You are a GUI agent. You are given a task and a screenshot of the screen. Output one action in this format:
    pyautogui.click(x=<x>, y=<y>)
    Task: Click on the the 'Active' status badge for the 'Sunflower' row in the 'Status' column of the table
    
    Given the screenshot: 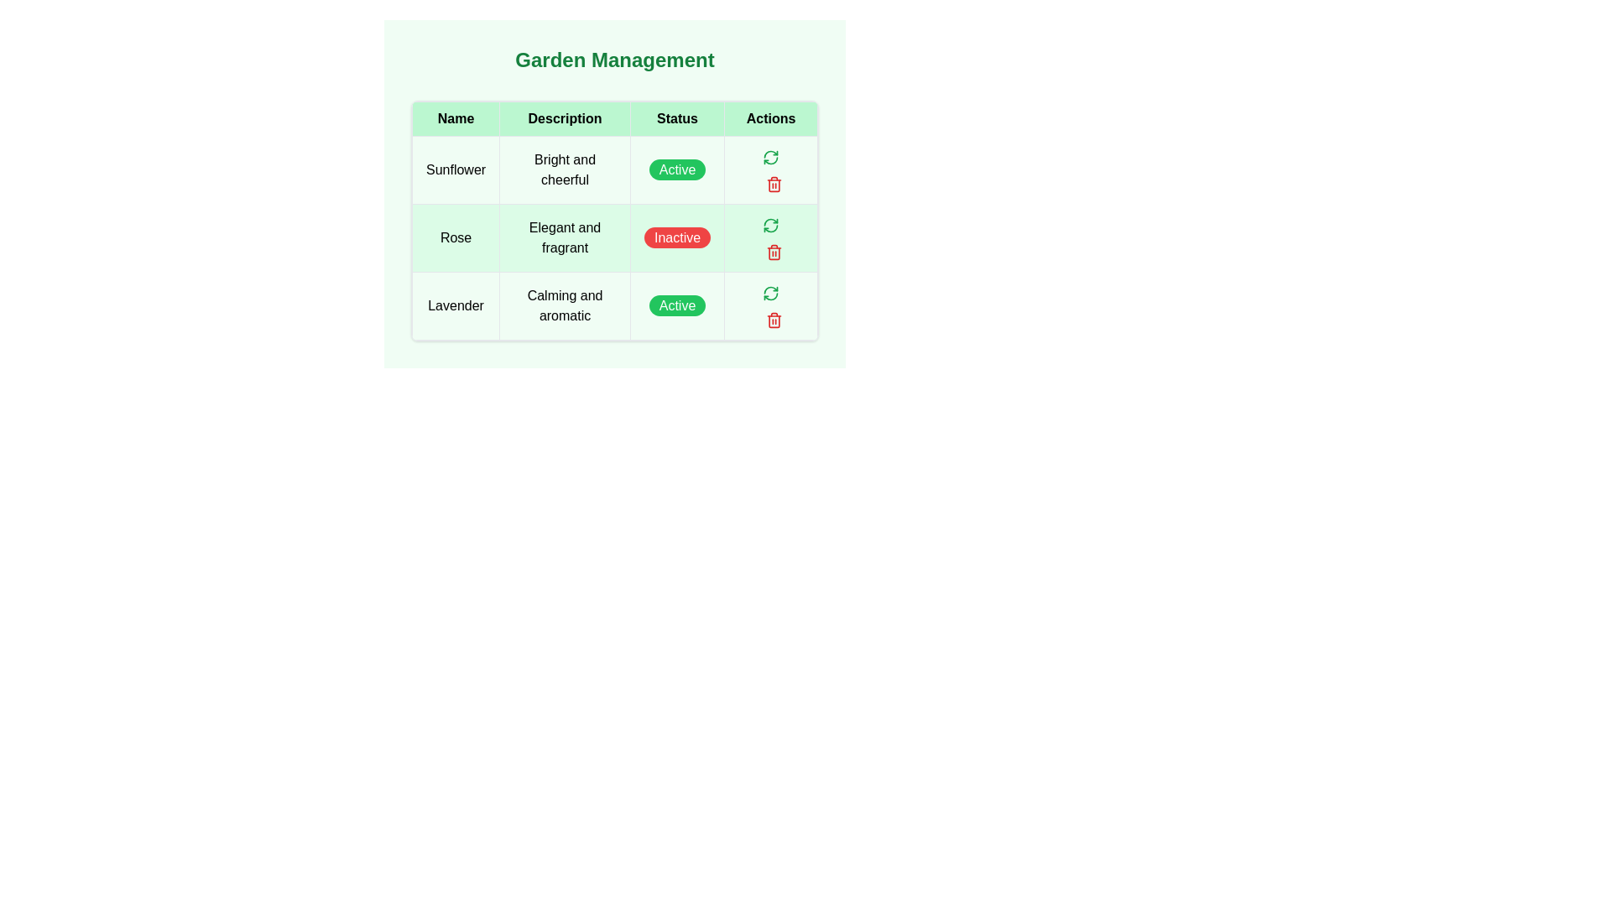 What is the action you would take?
    pyautogui.click(x=677, y=169)
    